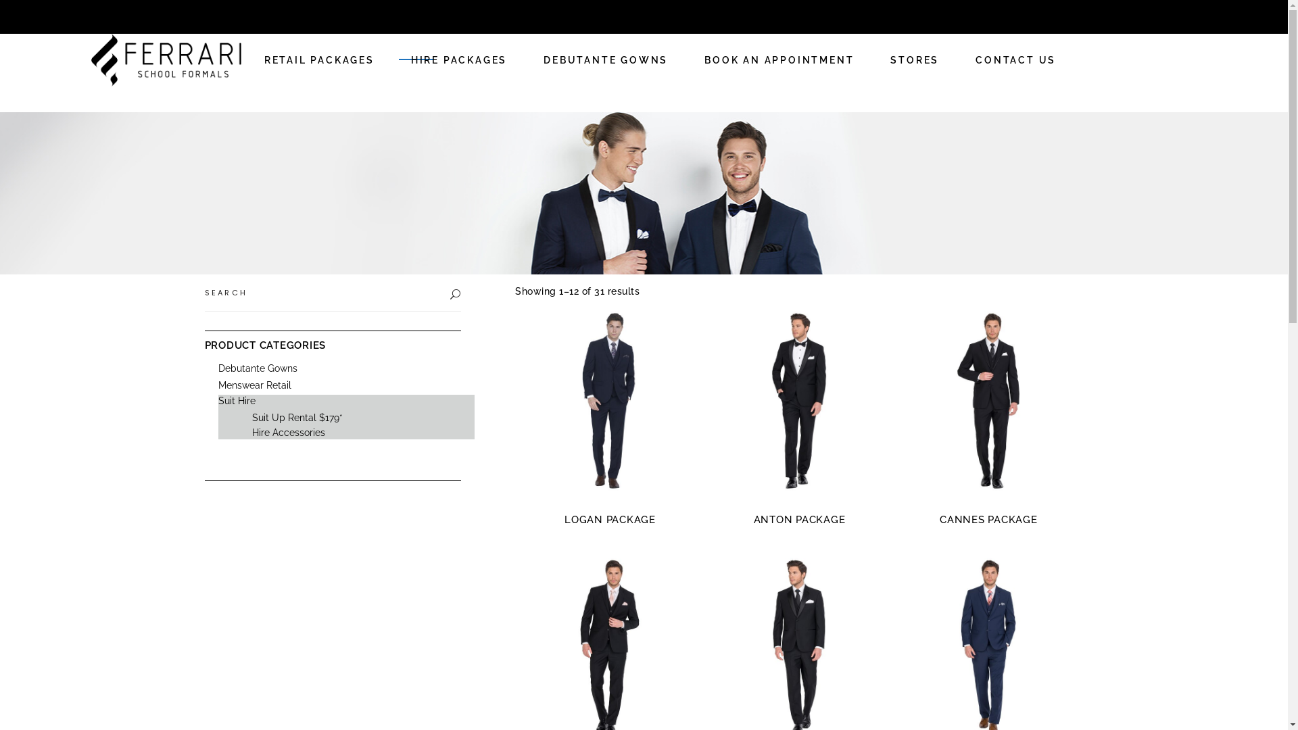 The image size is (1298, 730). I want to click on 'CANNES PACKAGE', so click(988, 518).